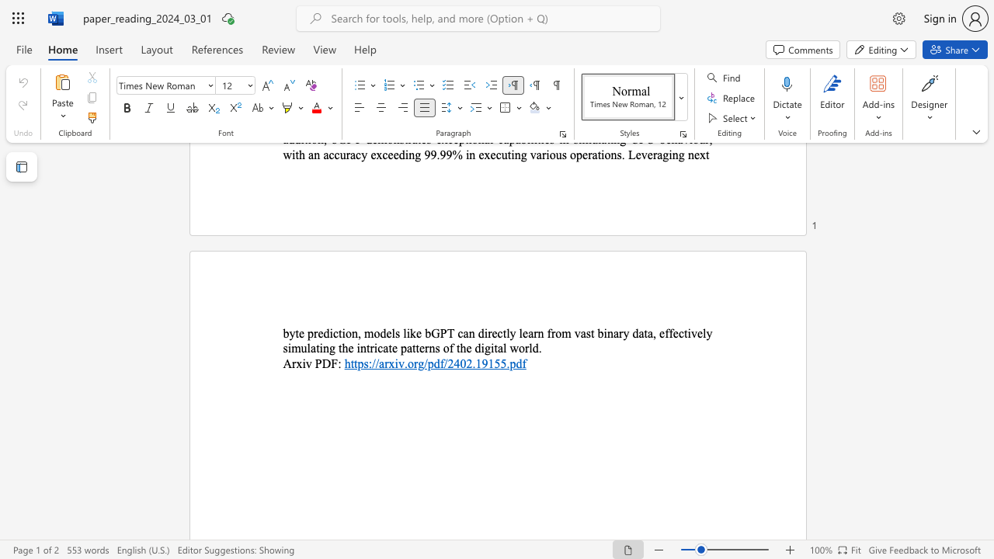  I want to click on the subset text "f/2402.19155." within the text "https://arxiv.org/pdf/2402.19155.pdf", so click(439, 363).